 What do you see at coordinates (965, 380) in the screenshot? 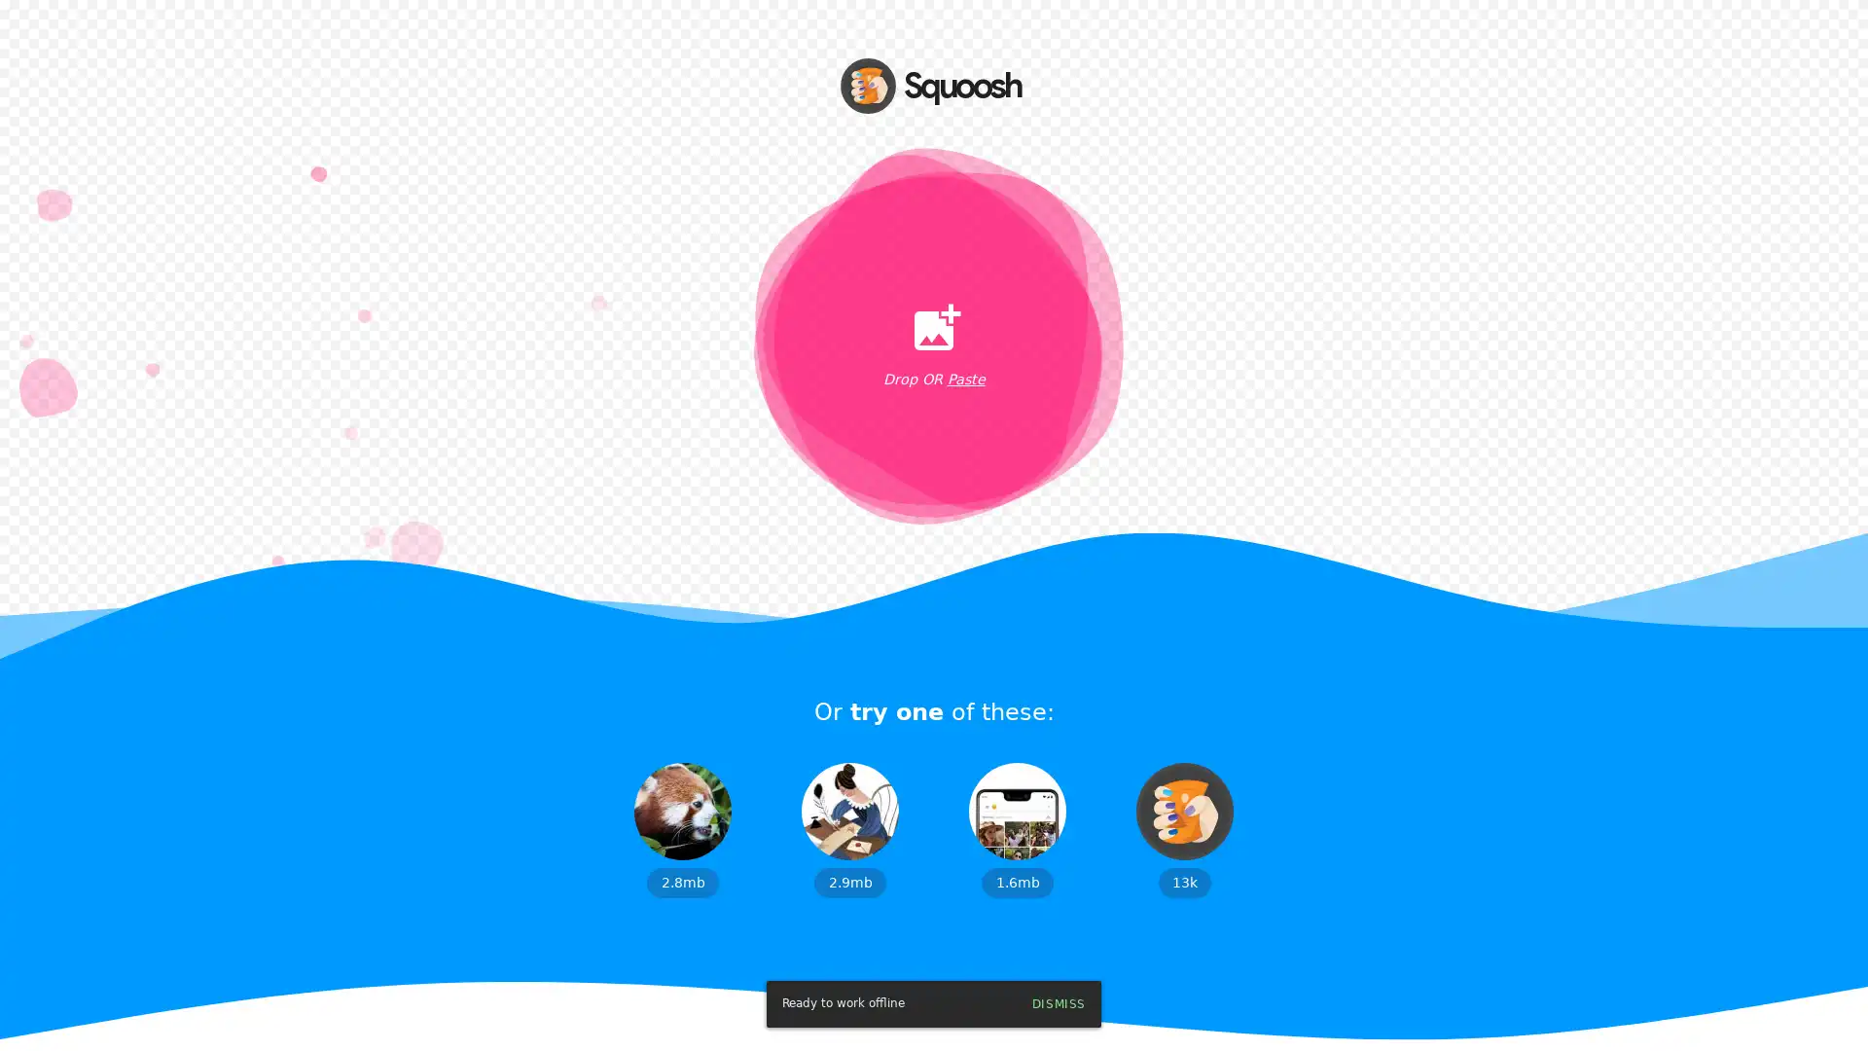
I see `Paste` at bounding box center [965, 380].